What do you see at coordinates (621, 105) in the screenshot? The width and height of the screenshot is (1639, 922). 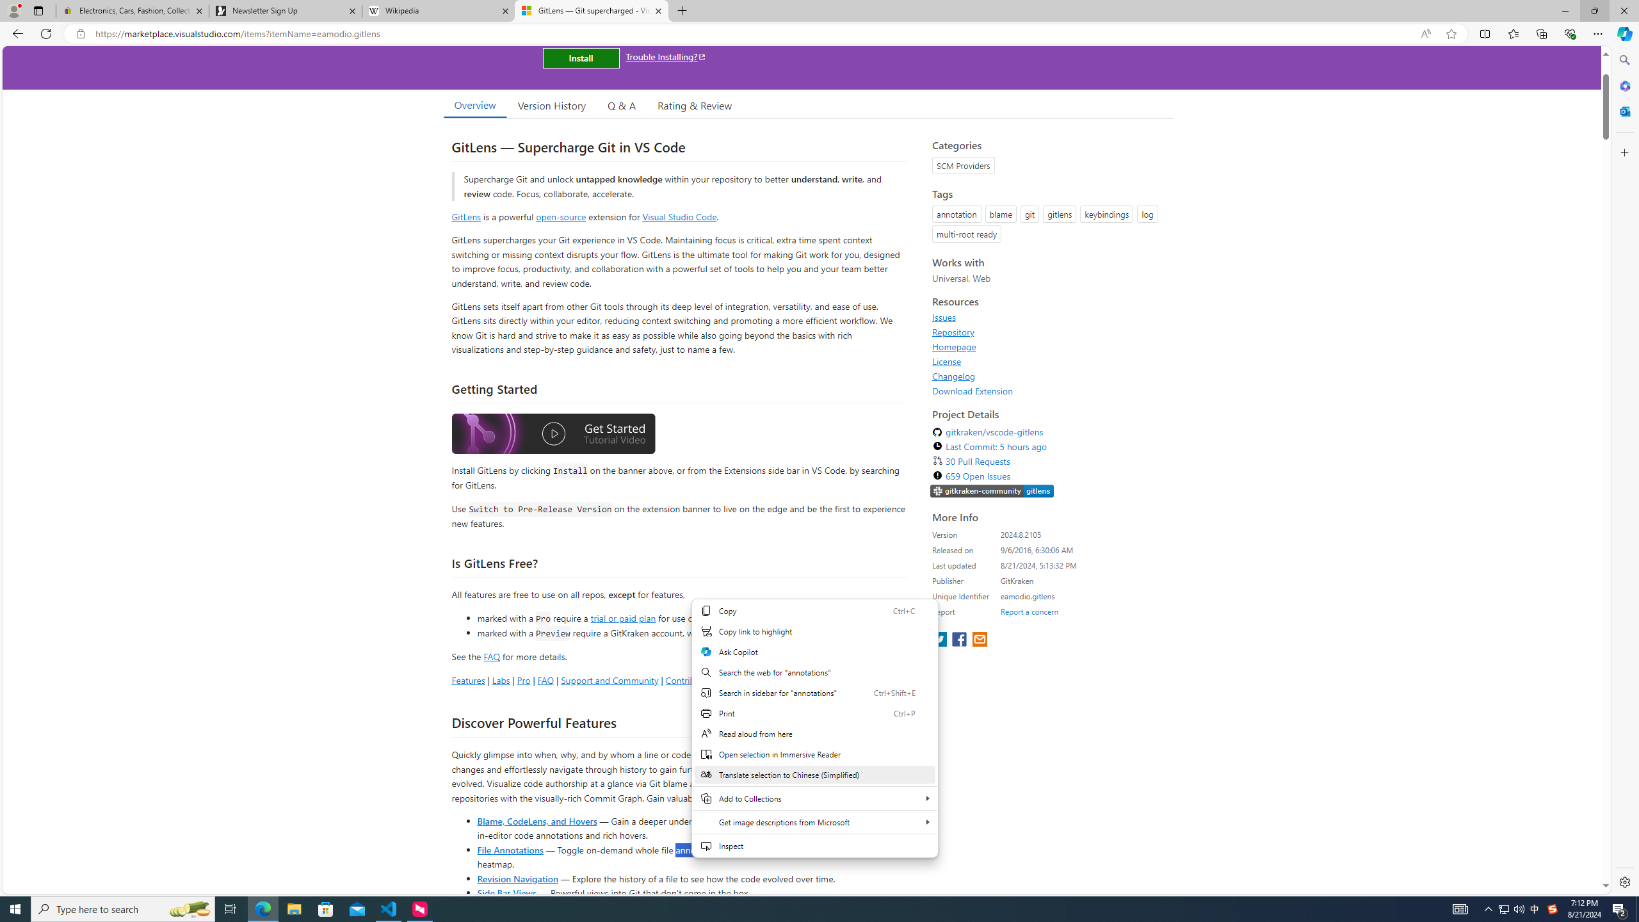 I see `'Q & A'` at bounding box center [621, 105].